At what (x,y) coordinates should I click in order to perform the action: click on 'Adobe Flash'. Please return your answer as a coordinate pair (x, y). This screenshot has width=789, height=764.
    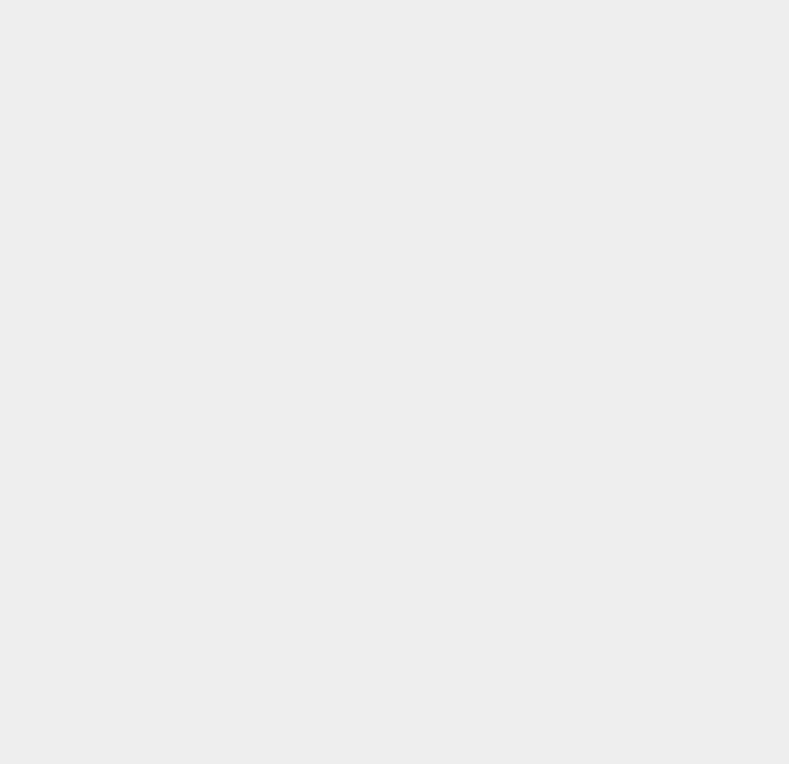
    Looking at the image, I should click on (585, 684).